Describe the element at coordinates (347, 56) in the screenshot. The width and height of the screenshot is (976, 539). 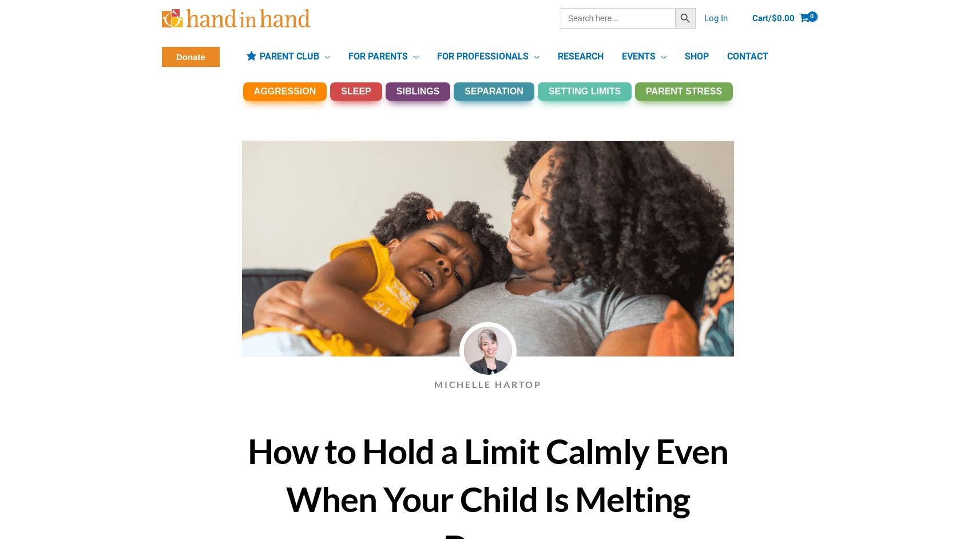
I see `'FOR PARENTS'` at that location.